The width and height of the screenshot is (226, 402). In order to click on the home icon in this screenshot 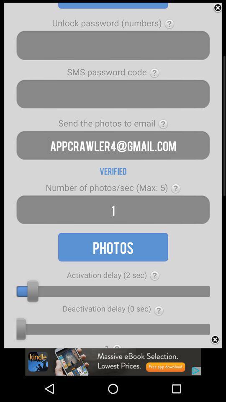, I will do `click(116, 370)`.